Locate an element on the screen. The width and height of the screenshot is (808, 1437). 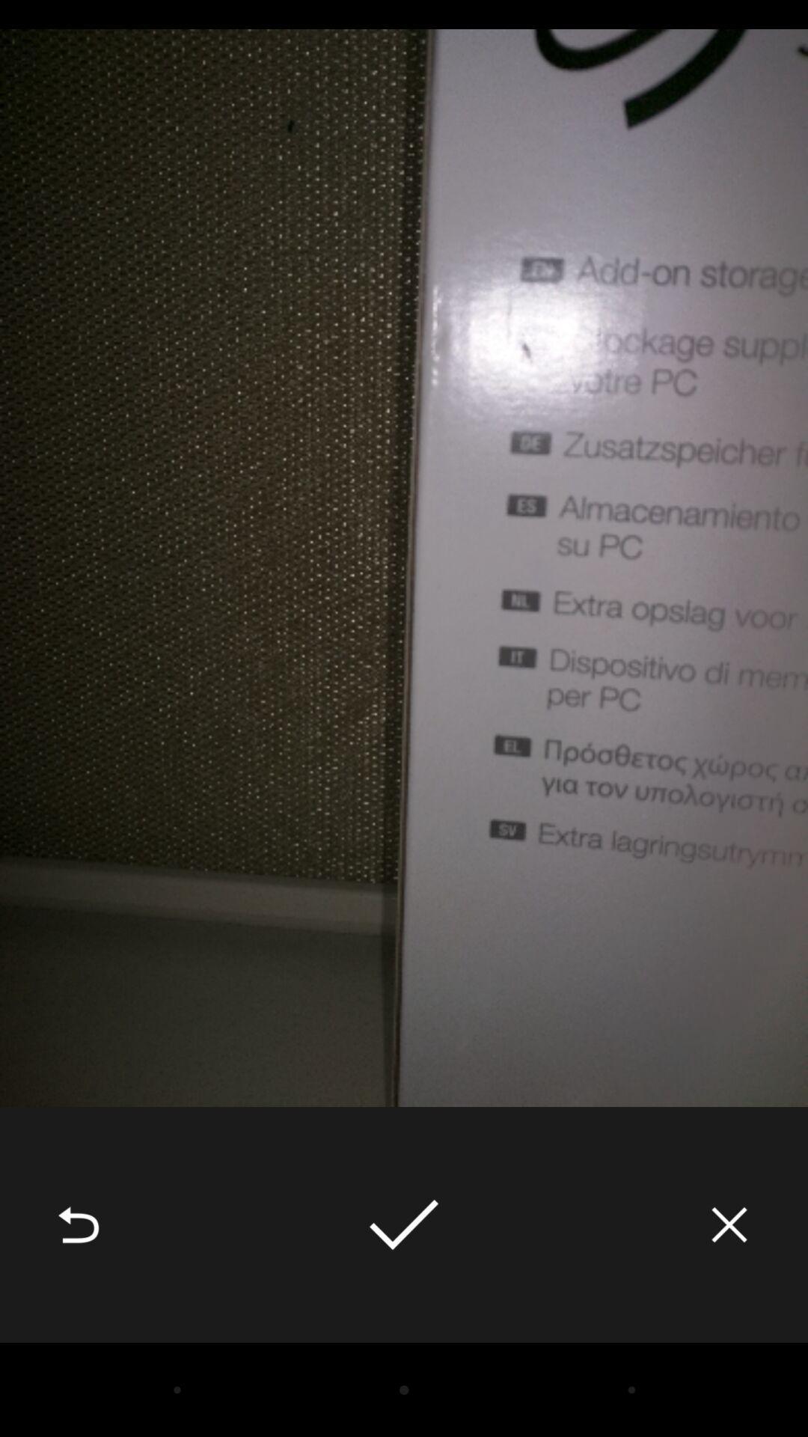
item at the bottom right corner is located at coordinates (729, 1224).